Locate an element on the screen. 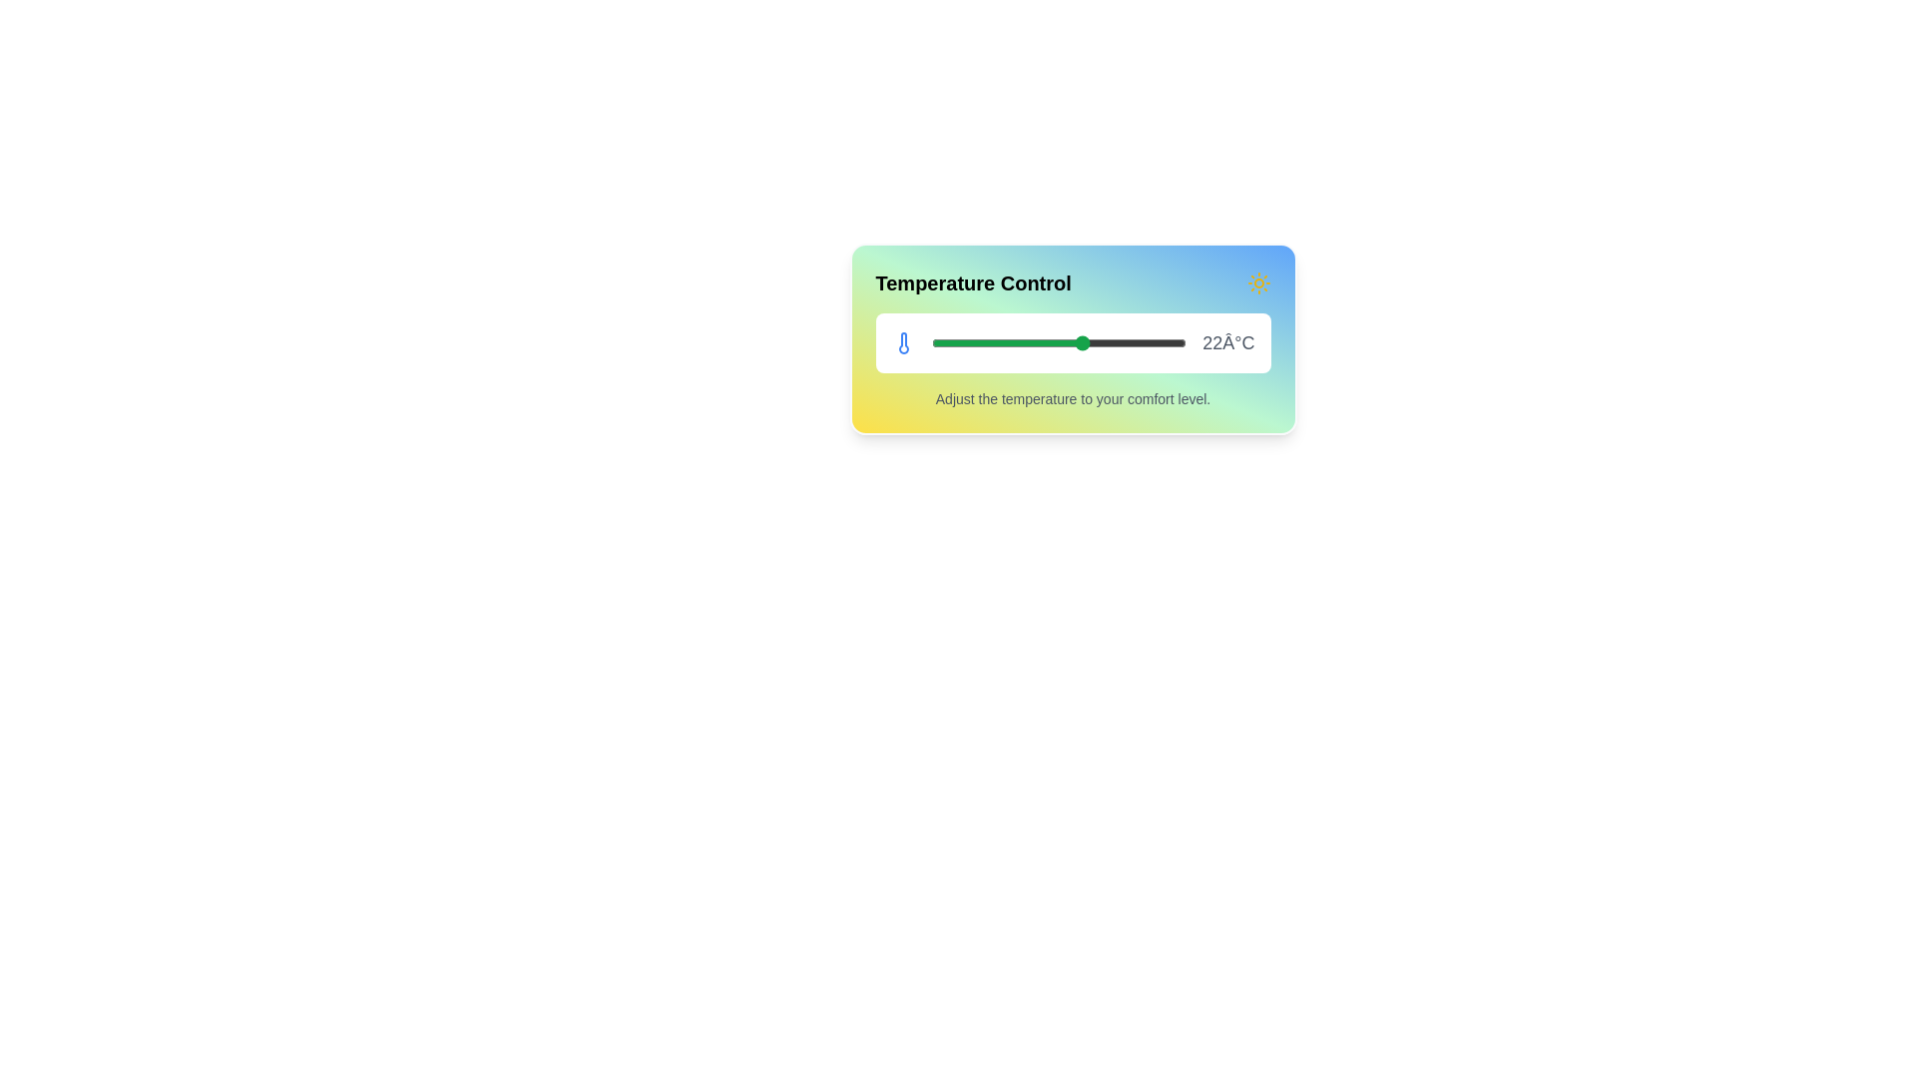 This screenshot has width=1916, height=1078. the icon located in the top-right corner of the 'Temperature Control' card, which represents sunlight or temperature adjustment is located at coordinates (1257, 283).